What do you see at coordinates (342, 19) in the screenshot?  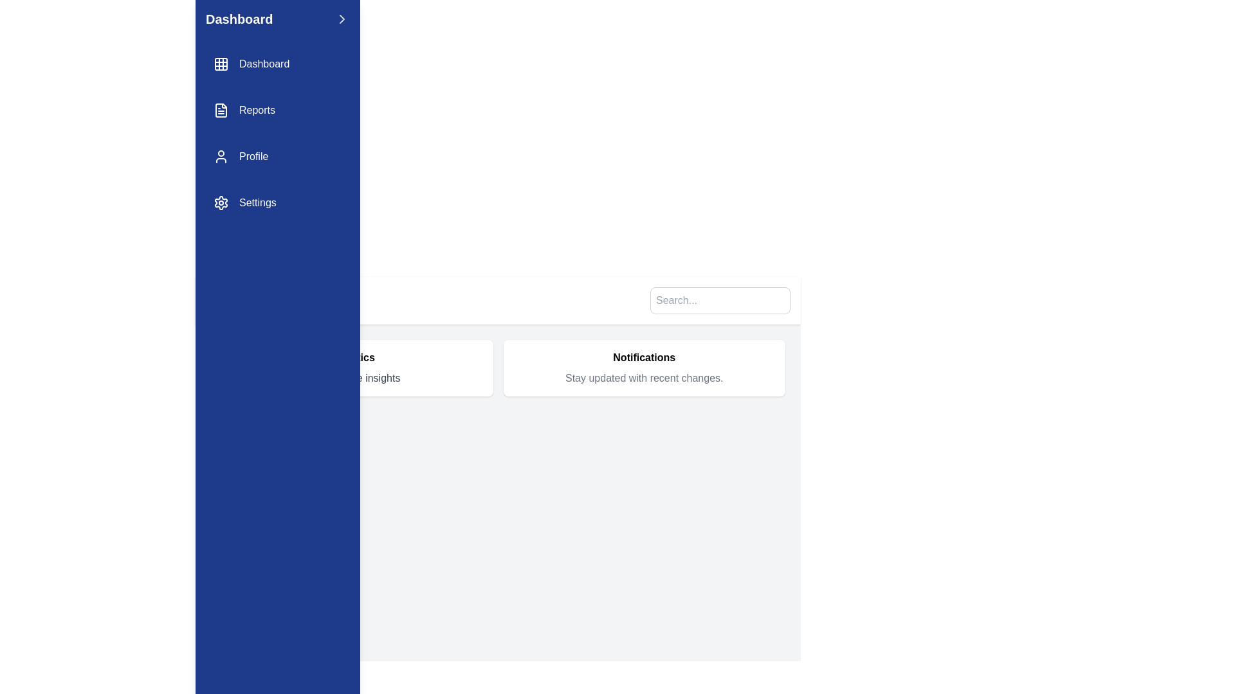 I see `the leftward-pointing chevron icon located in the upper right corner of the blue vertical sidebar, aligned with the 'Dashboard' label` at bounding box center [342, 19].